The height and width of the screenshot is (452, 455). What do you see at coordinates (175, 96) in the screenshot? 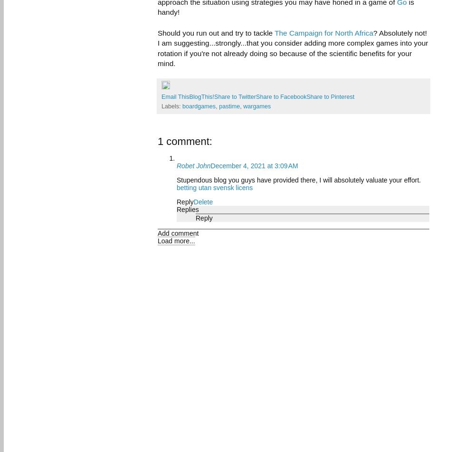
I see `'Email This'` at bounding box center [175, 96].